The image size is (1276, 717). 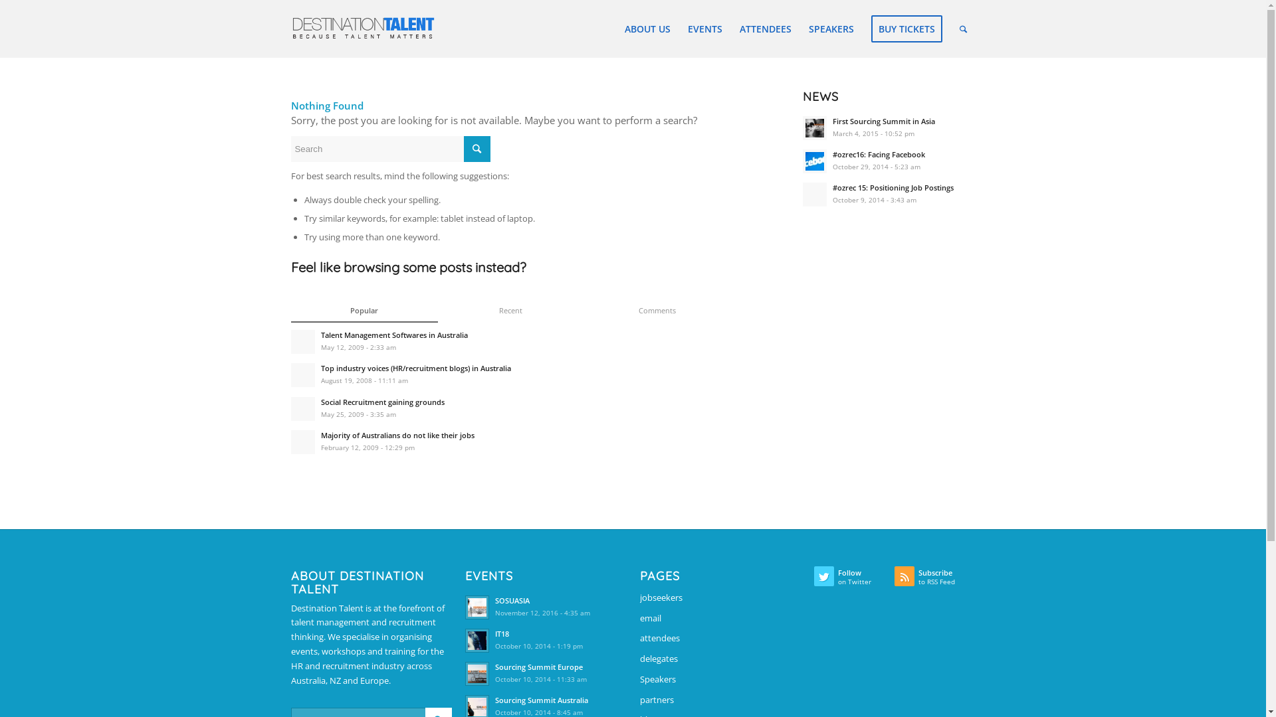 I want to click on 'SOSUASIA, so click(x=545, y=606).